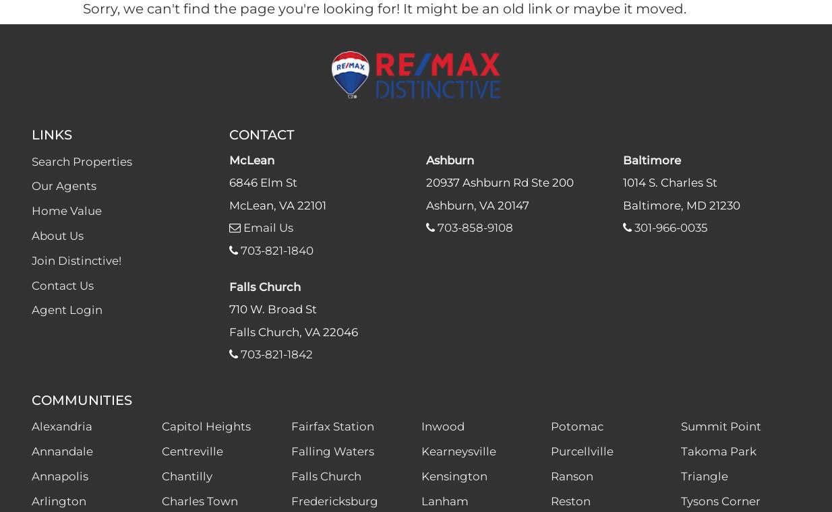 The width and height of the screenshot is (832, 512). I want to click on 'Ranson', so click(550, 476).